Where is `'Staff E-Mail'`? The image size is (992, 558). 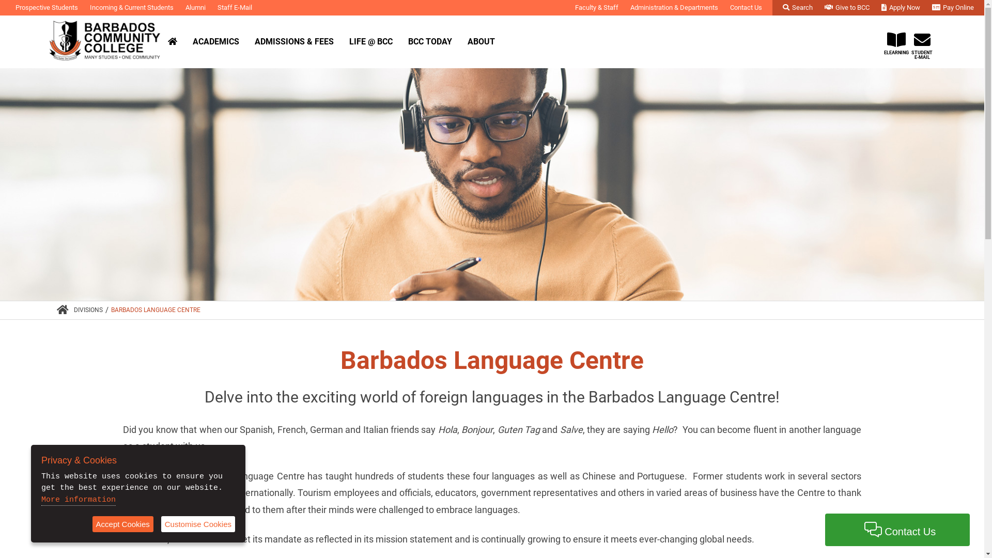 'Staff E-Mail' is located at coordinates (234, 7).